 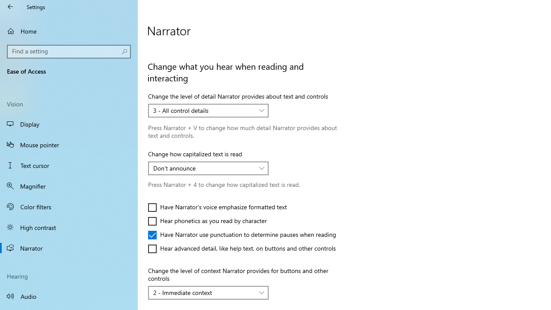 What do you see at coordinates (69, 144) in the screenshot?
I see `'Mouse pointer'` at bounding box center [69, 144].